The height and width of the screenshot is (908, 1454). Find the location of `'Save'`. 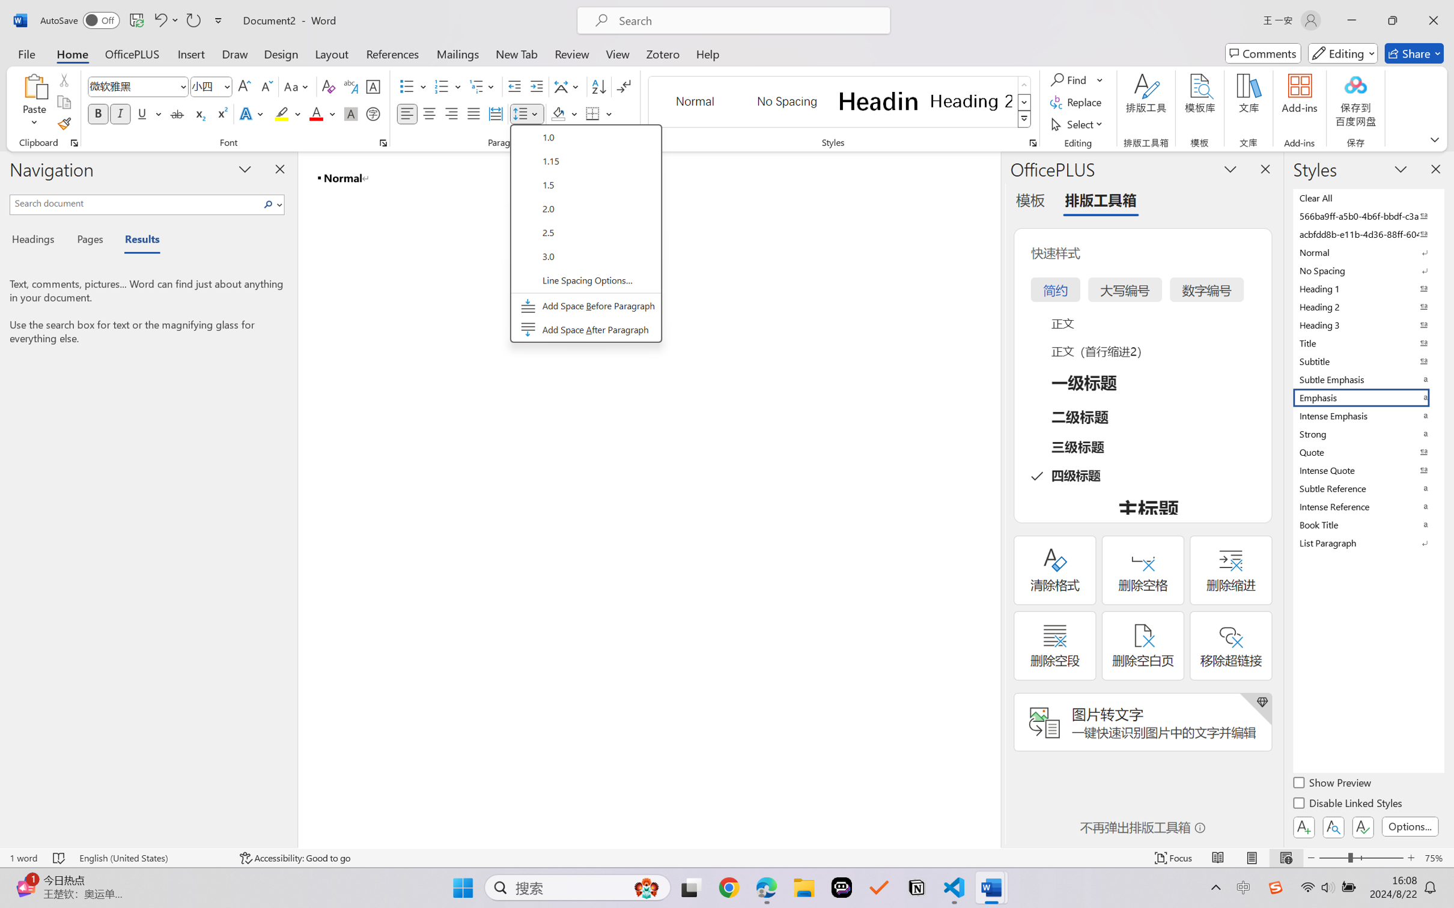

'Save' is located at coordinates (136, 20).